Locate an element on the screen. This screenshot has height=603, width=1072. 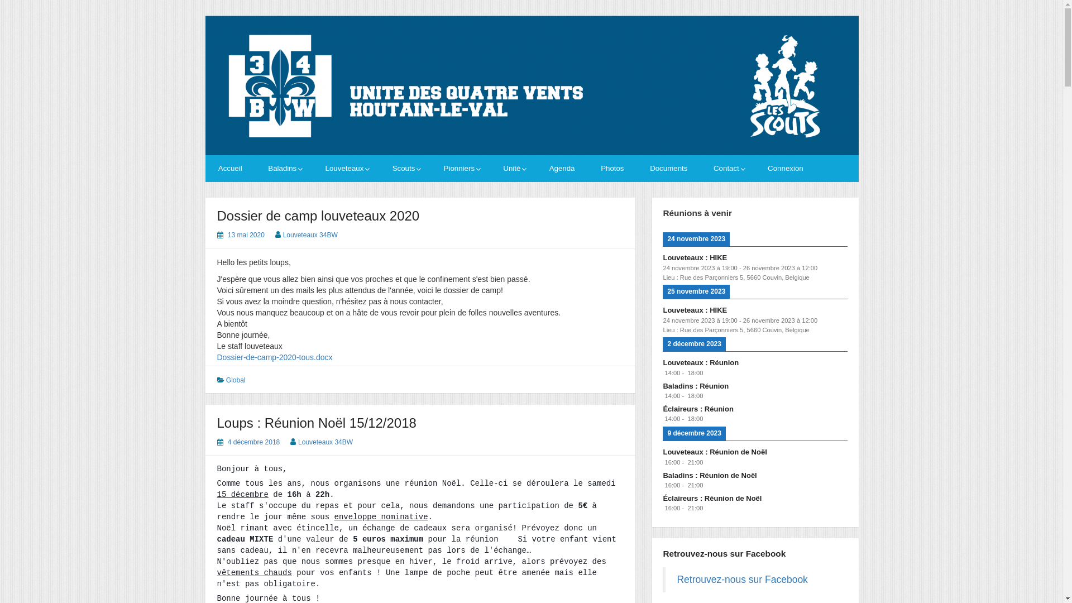
'Louveteaux 34BW' is located at coordinates (283, 234).